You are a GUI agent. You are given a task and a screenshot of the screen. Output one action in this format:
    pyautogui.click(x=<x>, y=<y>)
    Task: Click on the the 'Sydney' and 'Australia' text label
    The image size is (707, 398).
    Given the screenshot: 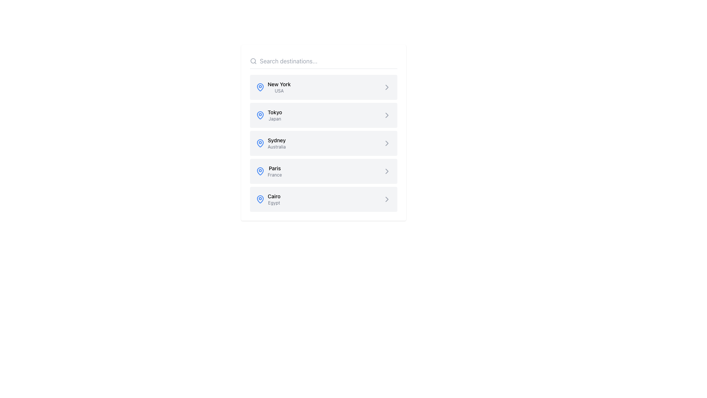 What is the action you would take?
    pyautogui.click(x=276, y=143)
    